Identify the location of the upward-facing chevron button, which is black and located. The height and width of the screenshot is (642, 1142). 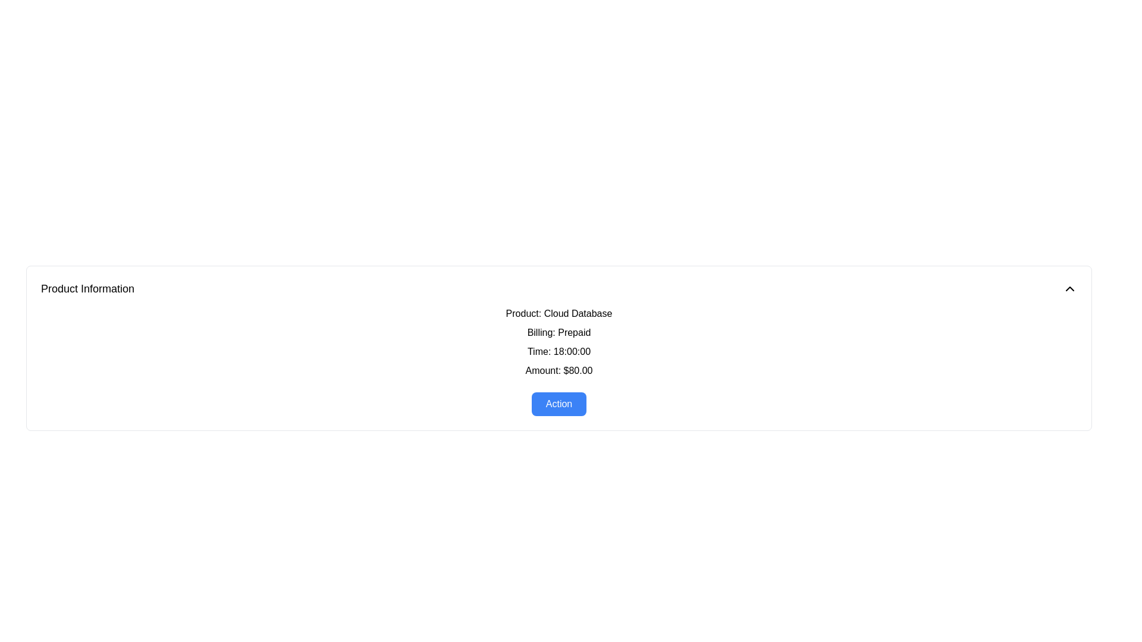
(1070, 289).